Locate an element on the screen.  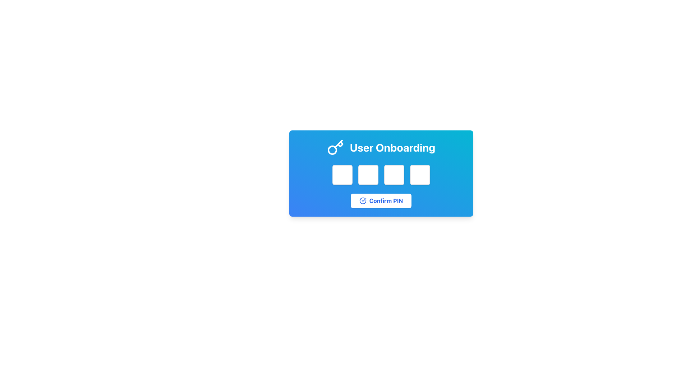
the confirmation button located at the center near the bottom of the card-style interface is located at coordinates (381, 201).